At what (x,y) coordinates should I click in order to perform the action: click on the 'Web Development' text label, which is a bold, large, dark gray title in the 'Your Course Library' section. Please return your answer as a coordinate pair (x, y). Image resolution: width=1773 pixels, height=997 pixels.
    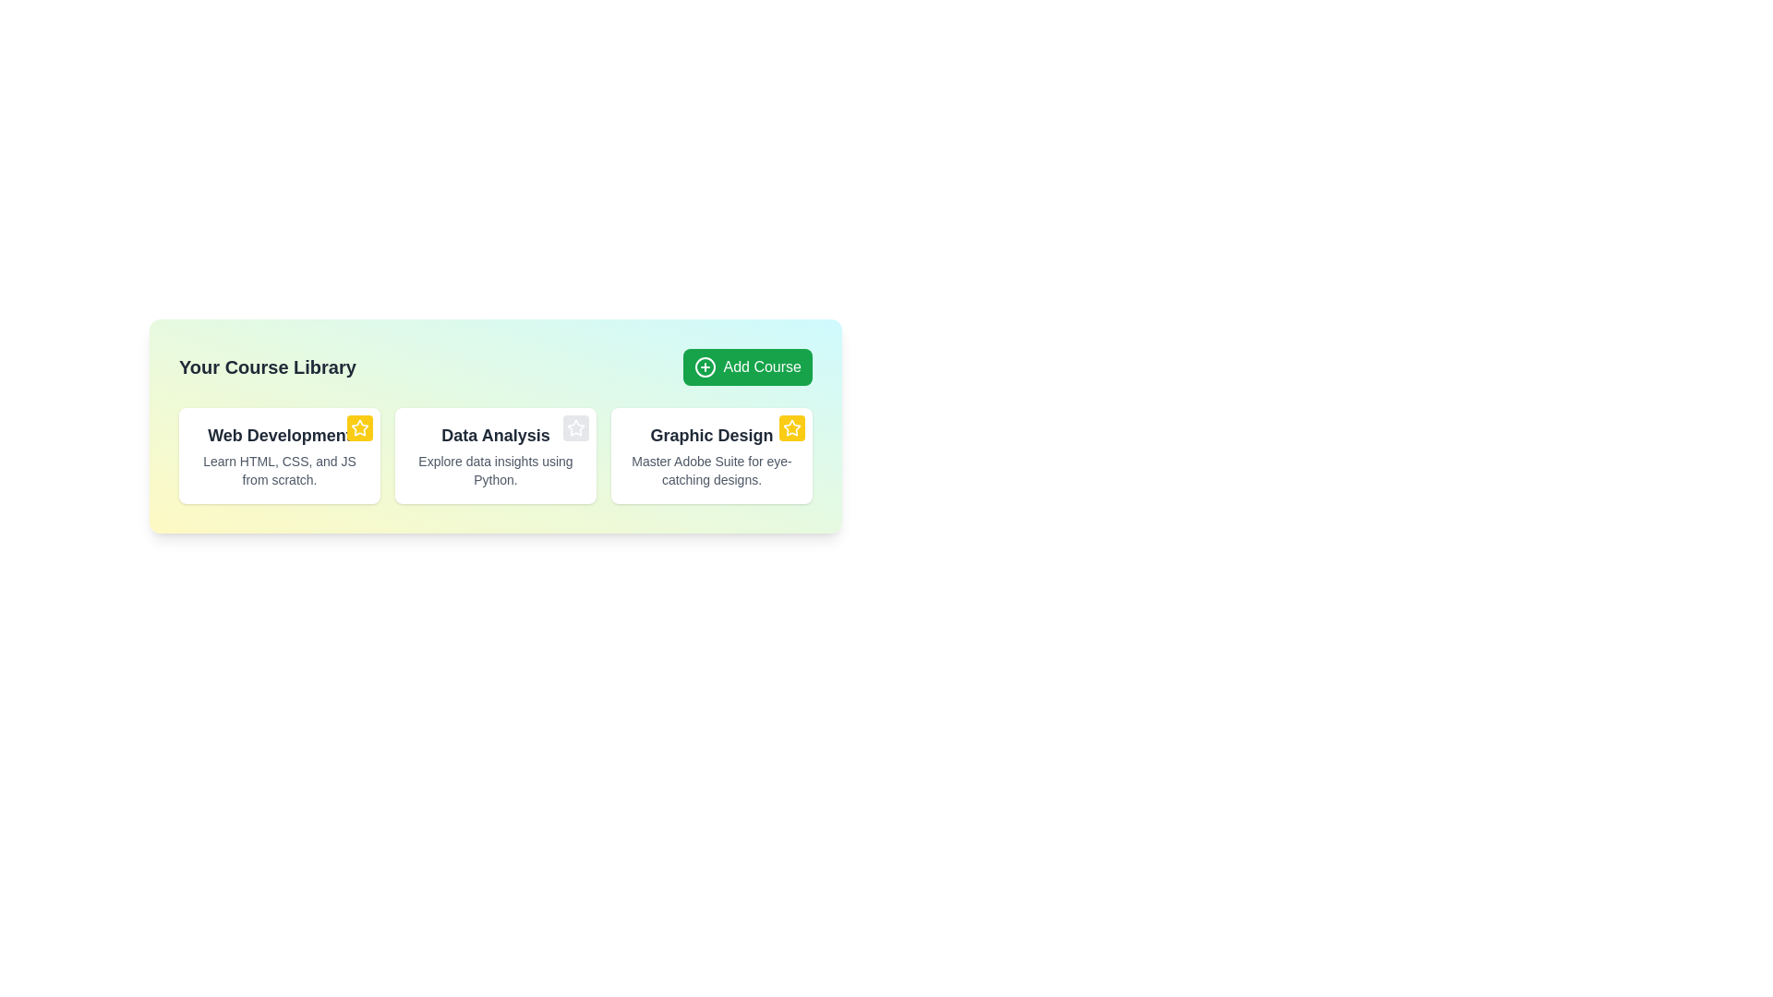
    Looking at the image, I should click on (278, 435).